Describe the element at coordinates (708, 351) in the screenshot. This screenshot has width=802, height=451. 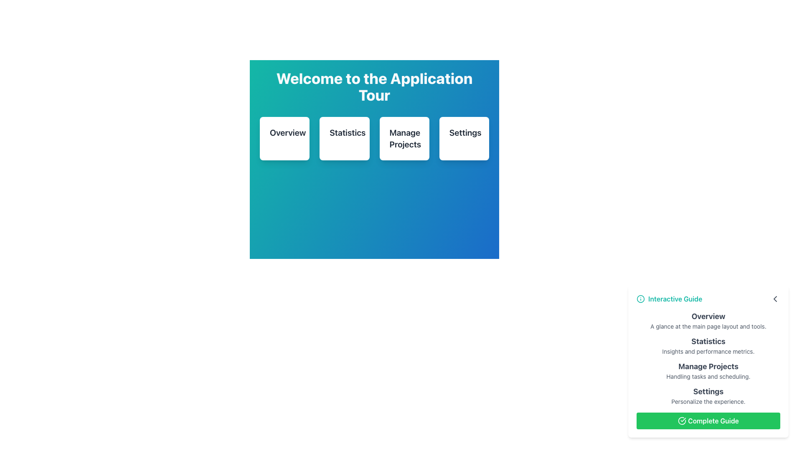
I see `the text block that displays 'Insights and performance metrics.' located below the heading 'Statistics' in the interactive guide` at that location.